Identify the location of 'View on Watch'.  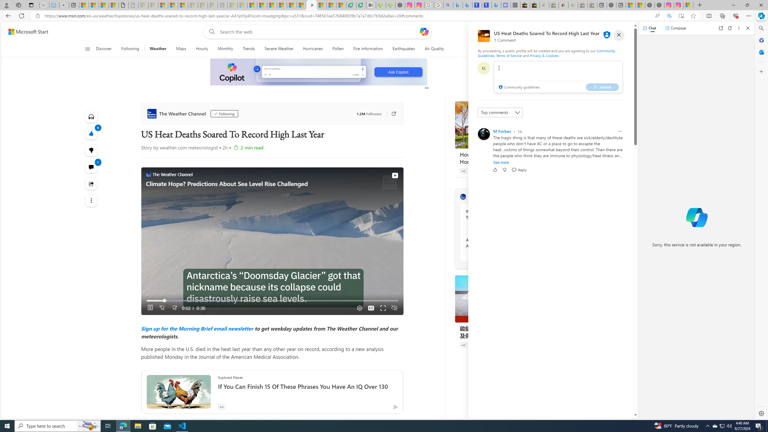
(394, 175).